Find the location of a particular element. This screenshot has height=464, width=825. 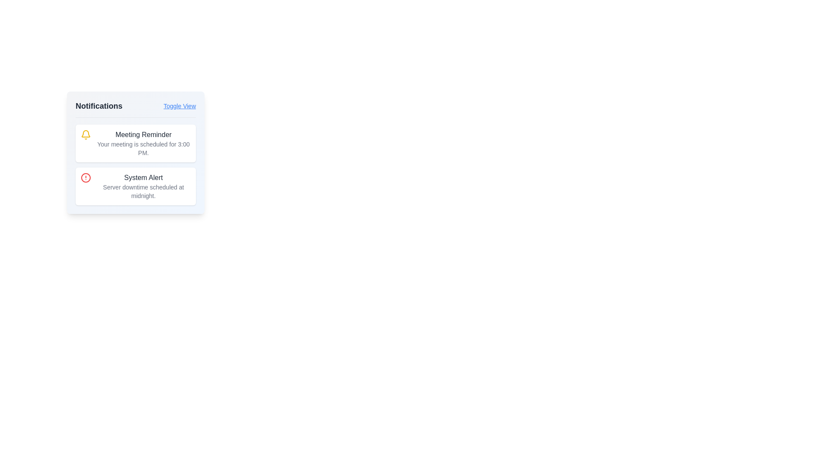

the alert icon located within the 'System Alert' notification card, positioned to the left of the text 'System Alert' and 'Server downtime scheduled at midnight.' is located at coordinates (86, 177).